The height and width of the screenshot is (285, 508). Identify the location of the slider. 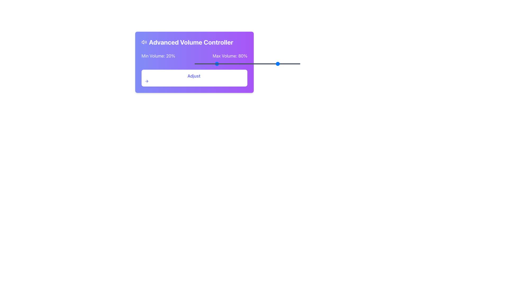
(240, 64).